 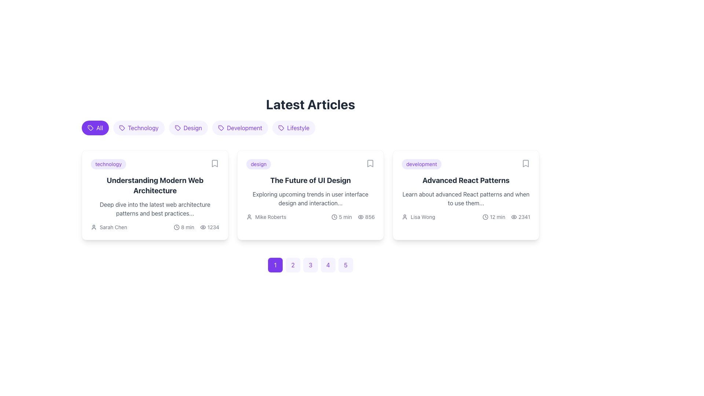 I want to click on text content of the pill-shaped label with a violet background that displays 'development', located in the top-left of the 'Advanced React Patterns' article card, so click(x=421, y=164).